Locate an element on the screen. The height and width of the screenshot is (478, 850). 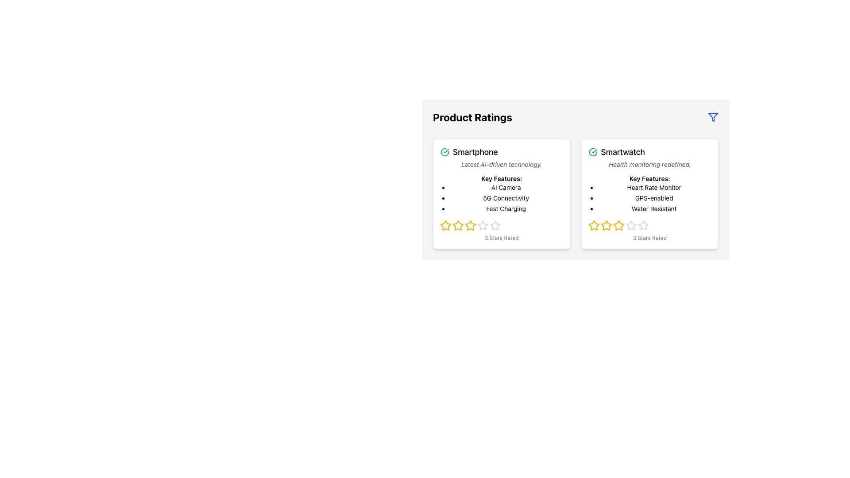
the rating scale element consisting of five star icons, where the first three stars are filled with golden-yellow color, indicating they are selected, located within the 'Smartwatch' card, below 'Water Resistant' and above '3 Stars Rated' is located at coordinates (649, 225).